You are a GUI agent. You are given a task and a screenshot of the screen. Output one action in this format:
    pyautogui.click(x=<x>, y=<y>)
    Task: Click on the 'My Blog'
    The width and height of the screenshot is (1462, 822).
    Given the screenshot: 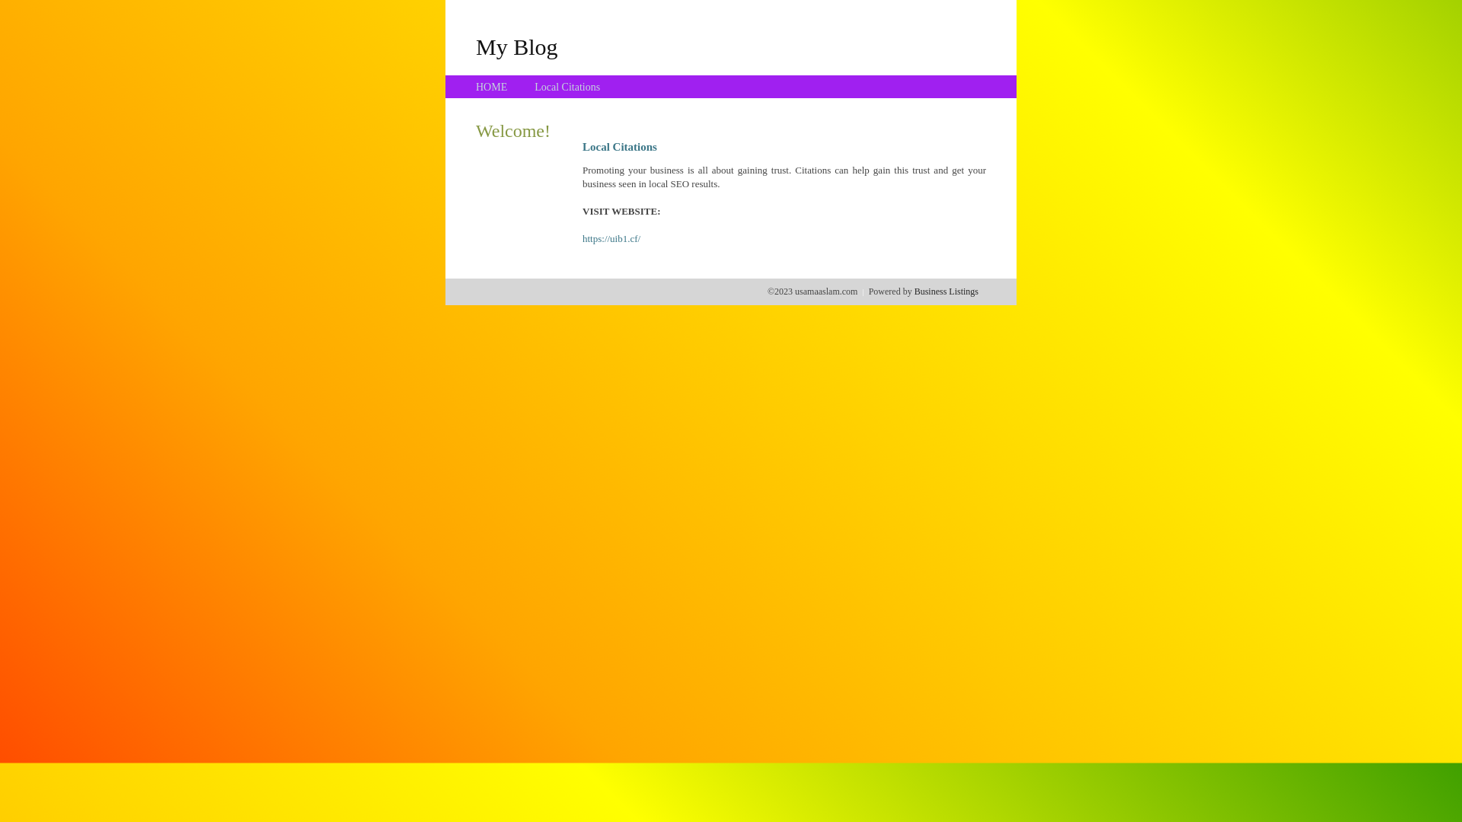 What is the action you would take?
    pyautogui.click(x=516, y=46)
    